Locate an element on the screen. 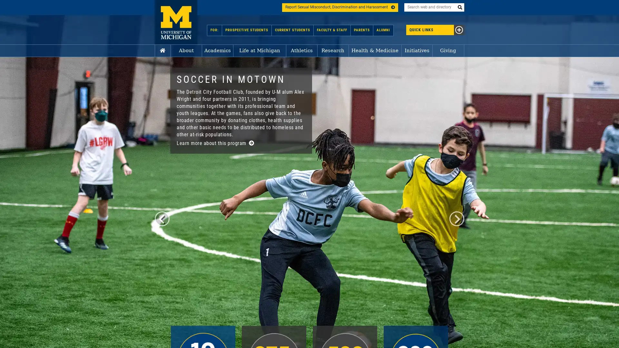  QUICK LINKS is located at coordinates (421, 30).